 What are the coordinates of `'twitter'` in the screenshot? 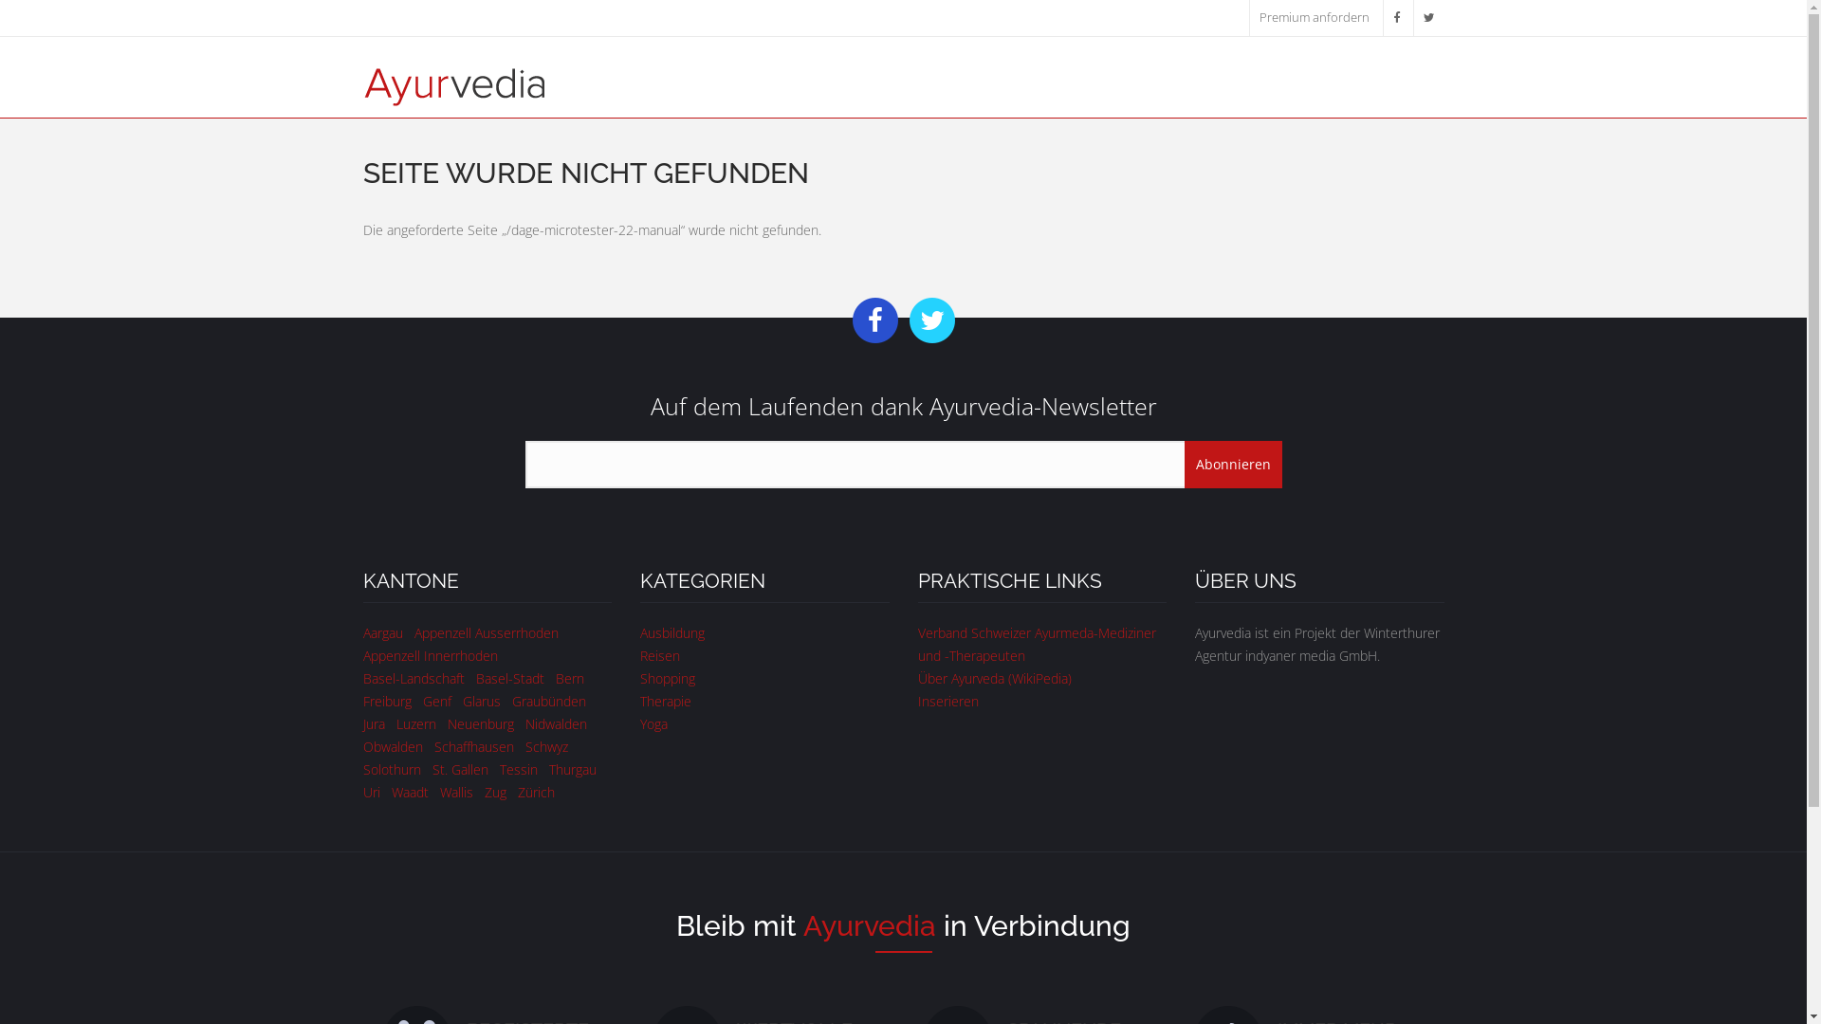 It's located at (1428, 17).